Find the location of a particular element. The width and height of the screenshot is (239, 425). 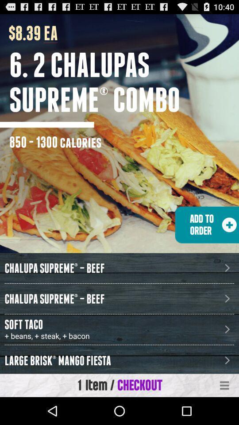

the menu icon is located at coordinates (224, 412).